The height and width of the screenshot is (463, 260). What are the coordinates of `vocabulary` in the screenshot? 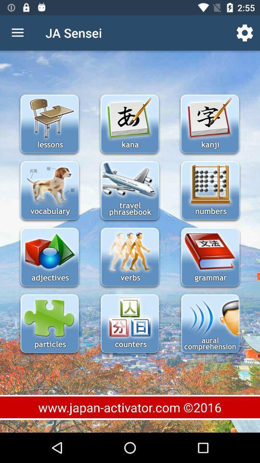 It's located at (50, 191).